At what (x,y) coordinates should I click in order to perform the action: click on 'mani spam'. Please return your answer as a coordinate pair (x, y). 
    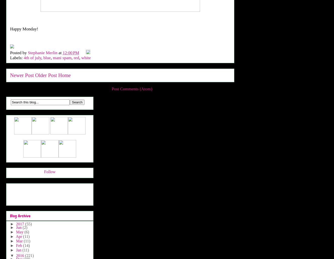
    Looking at the image, I should click on (62, 57).